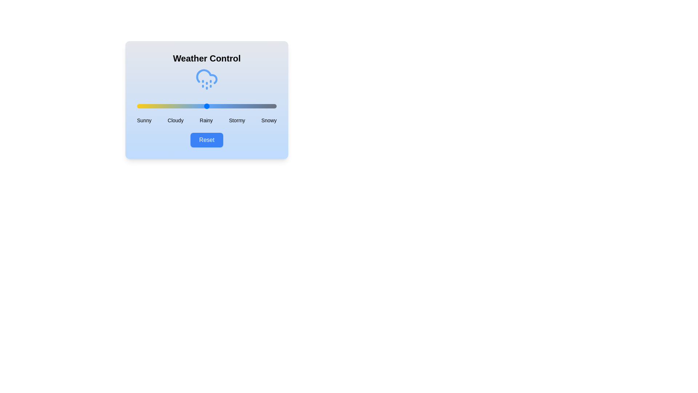 The width and height of the screenshot is (698, 393). I want to click on the weather condition slider to 92, so click(265, 106).